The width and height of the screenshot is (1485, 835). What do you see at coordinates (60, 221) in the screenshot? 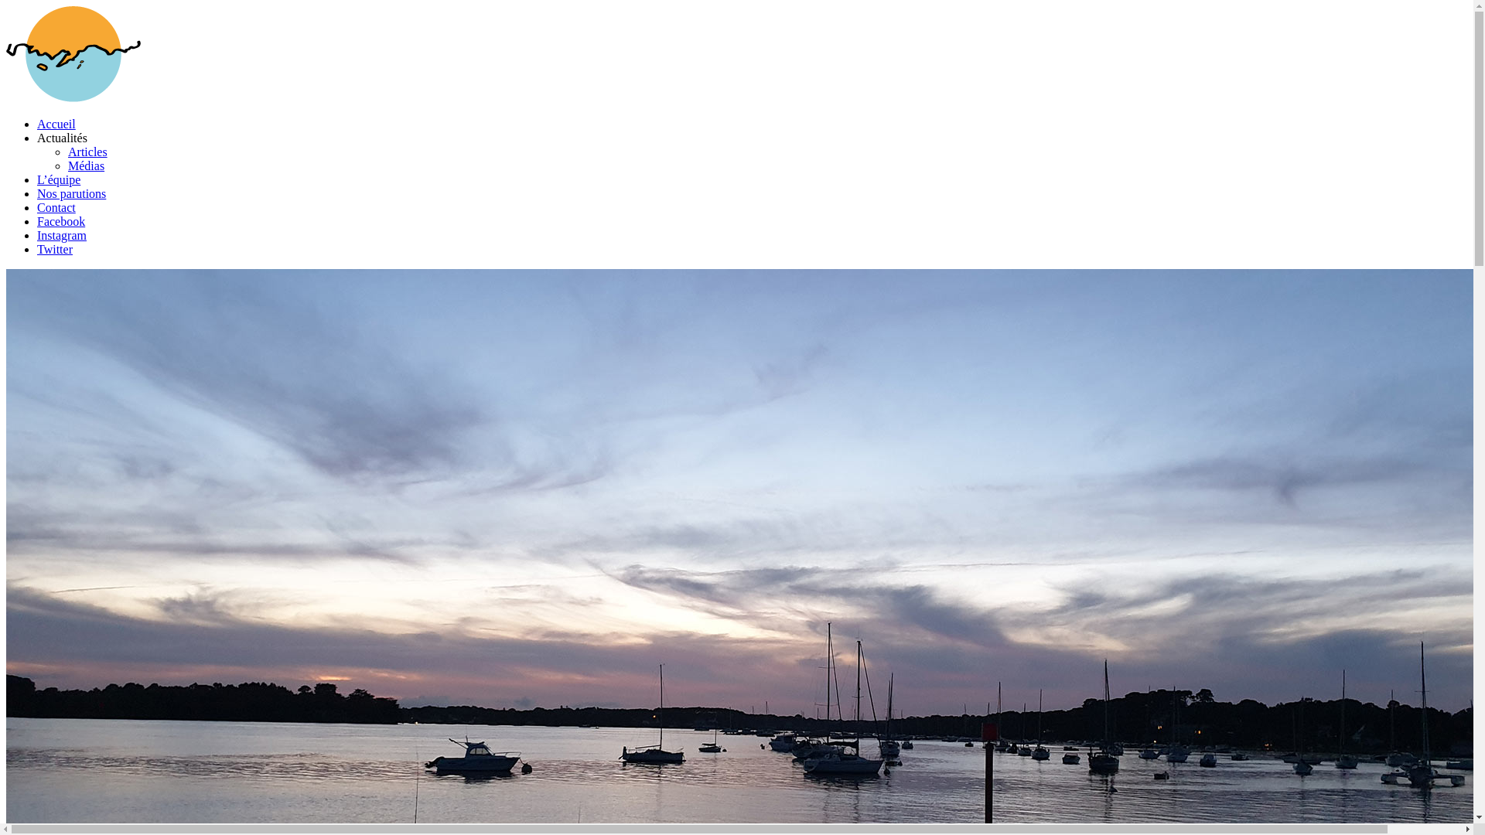
I see `'Facebook'` at bounding box center [60, 221].